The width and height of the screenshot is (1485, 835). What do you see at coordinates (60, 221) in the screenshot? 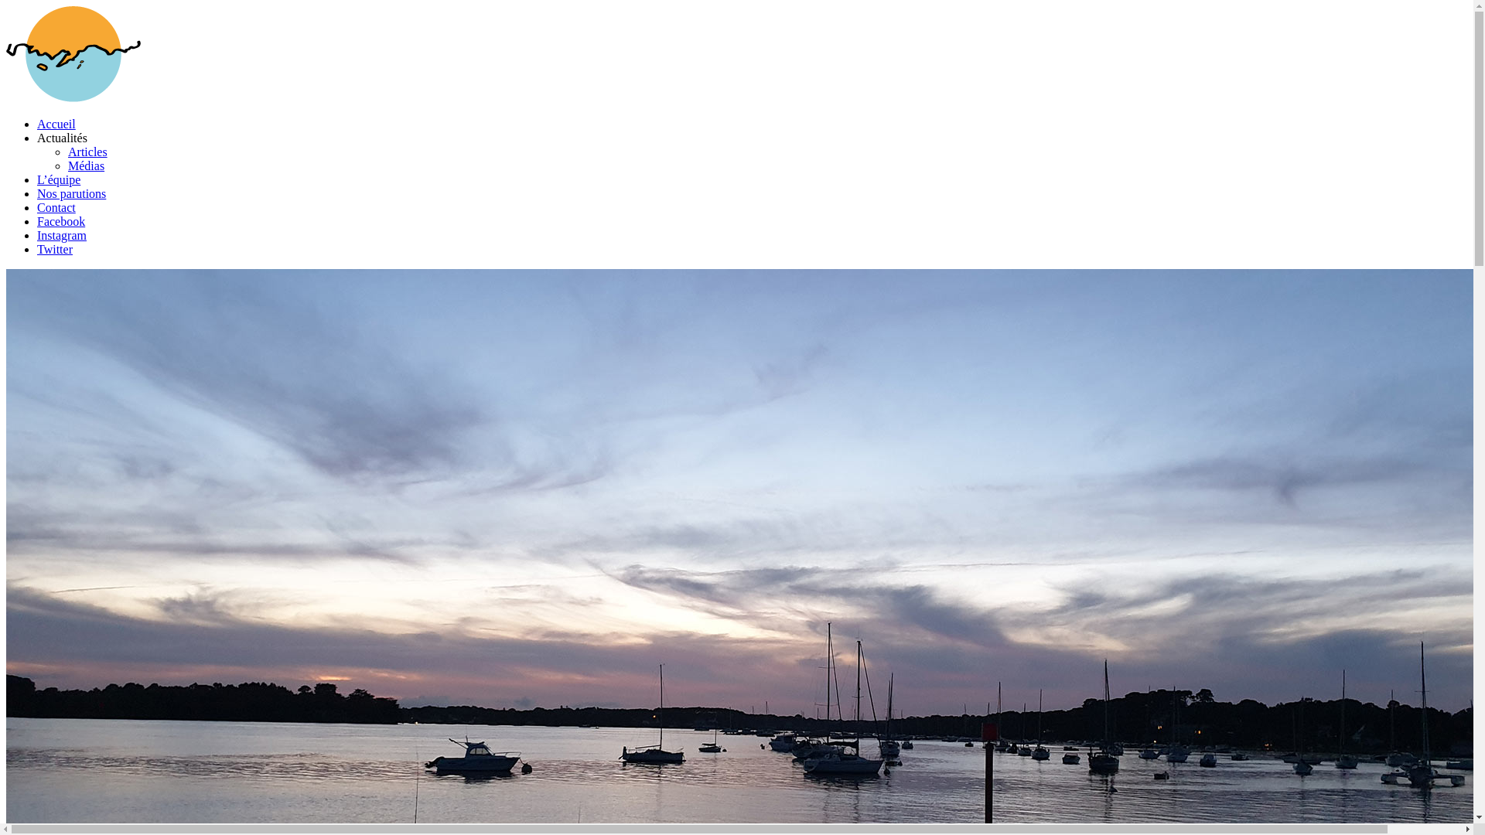
I see `'Facebook'` at bounding box center [60, 221].